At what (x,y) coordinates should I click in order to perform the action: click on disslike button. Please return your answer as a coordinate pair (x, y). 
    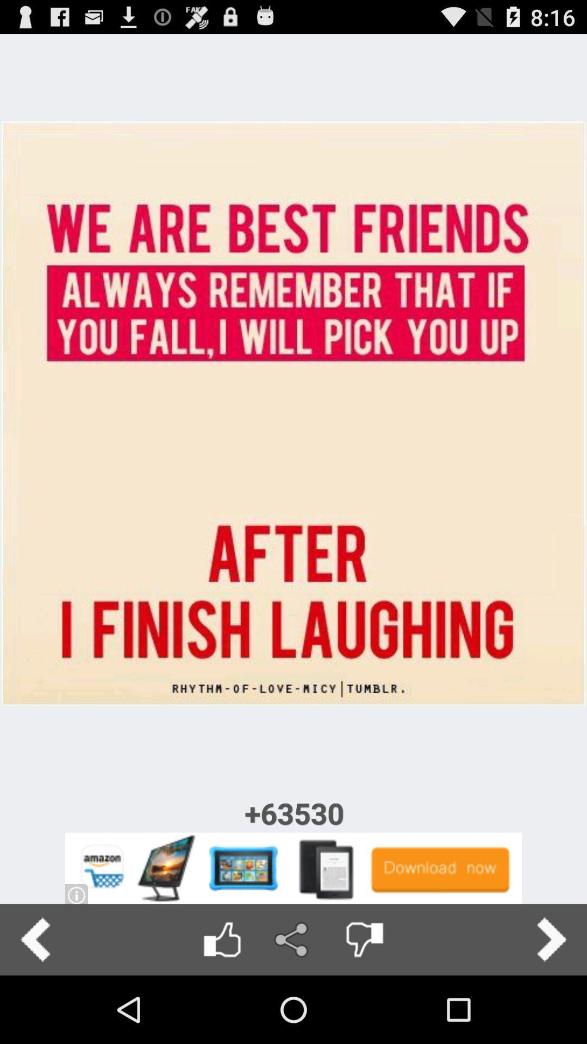
    Looking at the image, I should click on (364, 939).